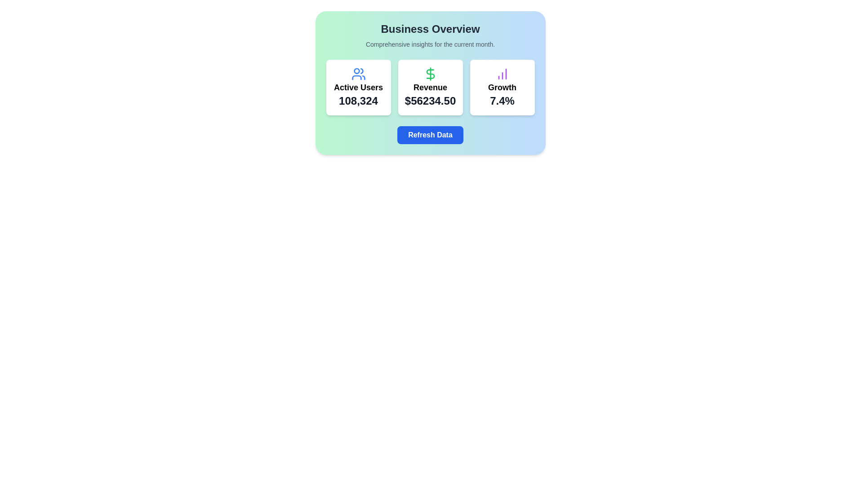  Describe the element at coordinates (502, 74) in the screenshot. I see `the vibrant purple bar chart icon located at the top of the 'Growth' card, above the text 'Growth' and the percentage value '7.4%'` at that location.